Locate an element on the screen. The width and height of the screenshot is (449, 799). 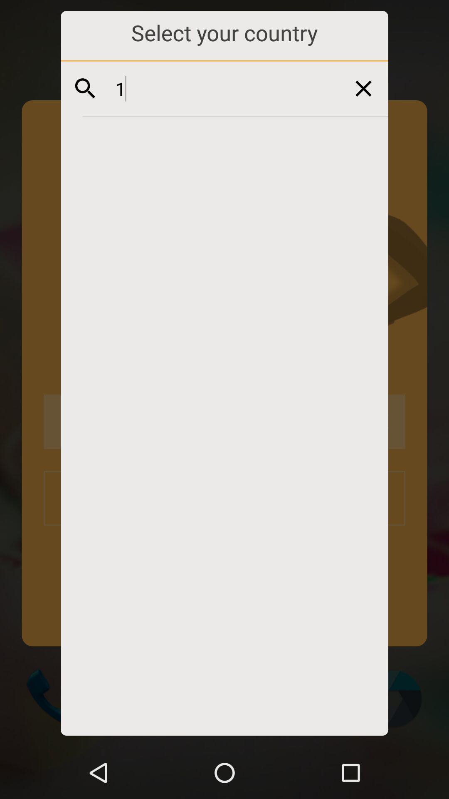
clear text field is located at coordinates (363, 88).